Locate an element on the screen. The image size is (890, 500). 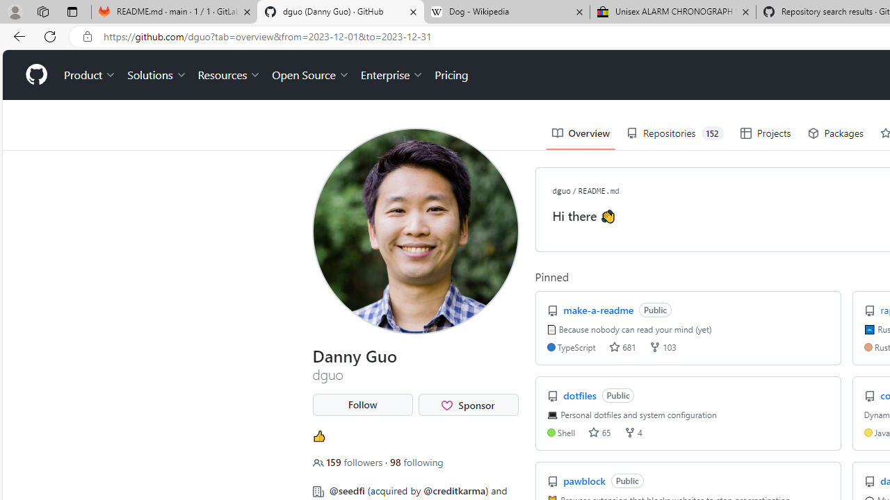
'Pricing' is located at coordinates (451, 75).